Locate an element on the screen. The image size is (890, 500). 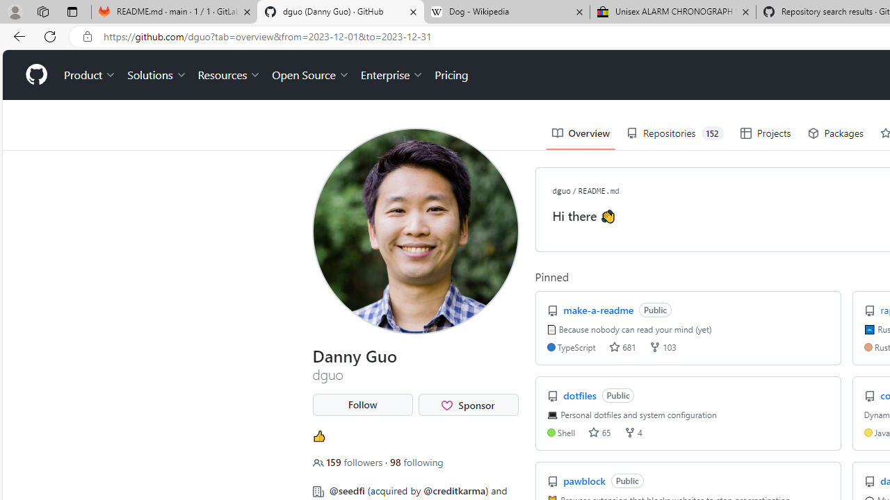
'Pricing' is located at coordinates (451, 75).